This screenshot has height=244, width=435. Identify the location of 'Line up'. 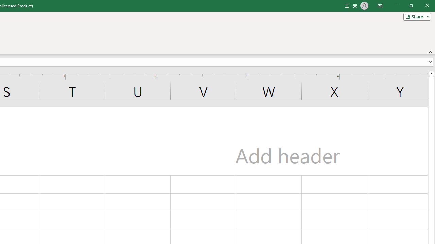
(431, 73).